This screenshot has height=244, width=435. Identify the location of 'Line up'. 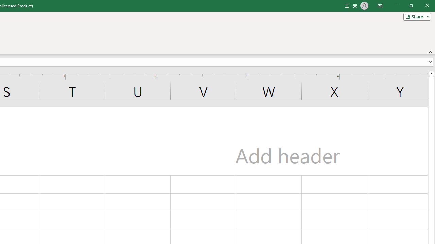
(431, 73).